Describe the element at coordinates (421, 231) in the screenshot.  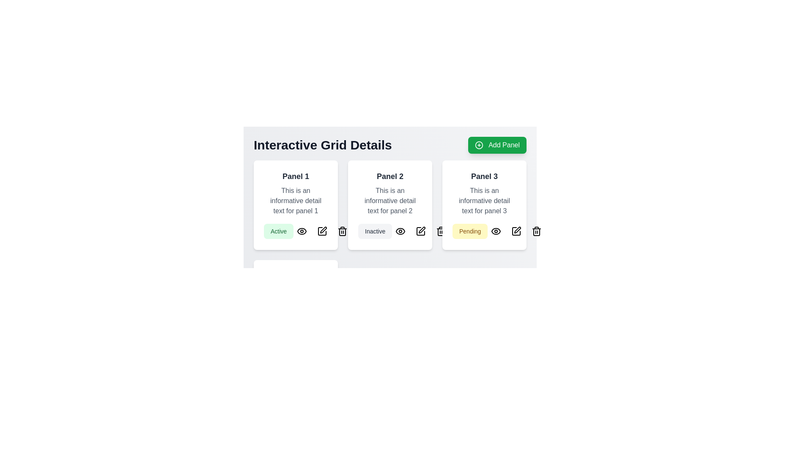
I see `the edit icon button located as the second icon from the right in the action button row of 'Panel 2' to initiate editing` at that location.